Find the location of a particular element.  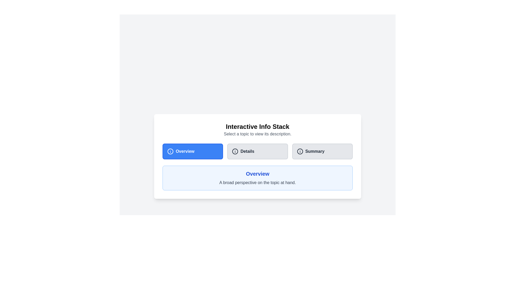

the 'Details' button located in the center of the layout, positioned between the 'Overview' and 'Summary' buttons is located at coordinates (257, 151).